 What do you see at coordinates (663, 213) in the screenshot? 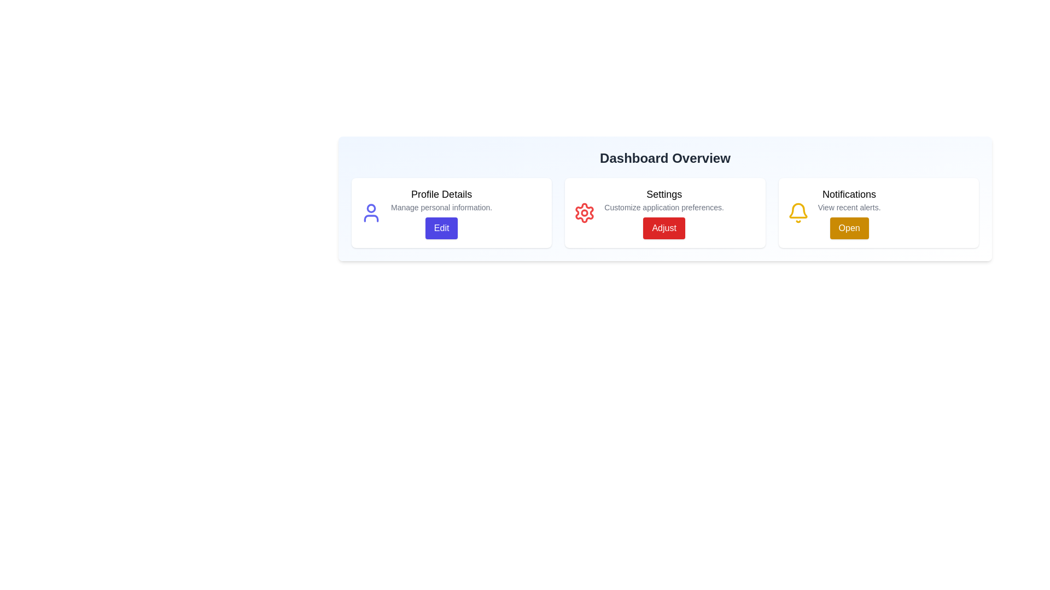
I see `the composite UI component containing a heading, paragraph text, and an 'Adjust' button that allows users` at bounding box center [663, 213].